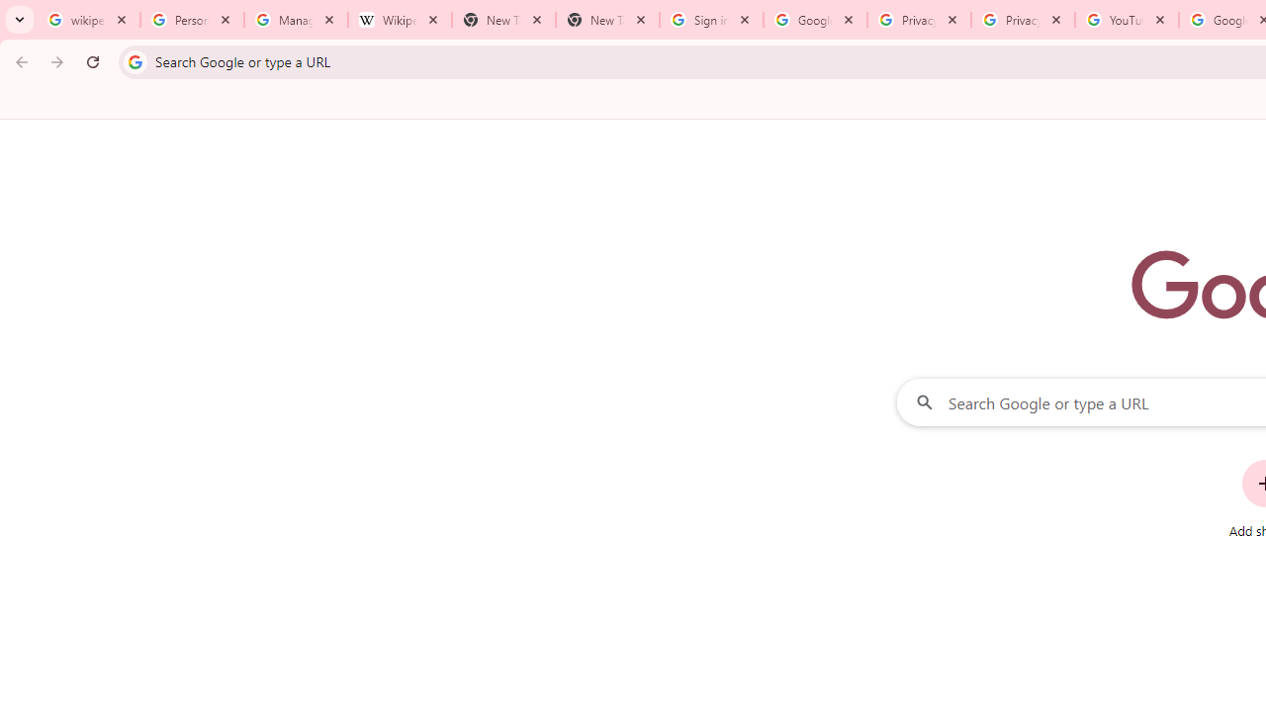 The height and width of the screenshot is (712, 1266). What do you see at coordinates (1127, 20) in the screenshot?
I see `'YouTube'` at bounding box center [1127, 20].